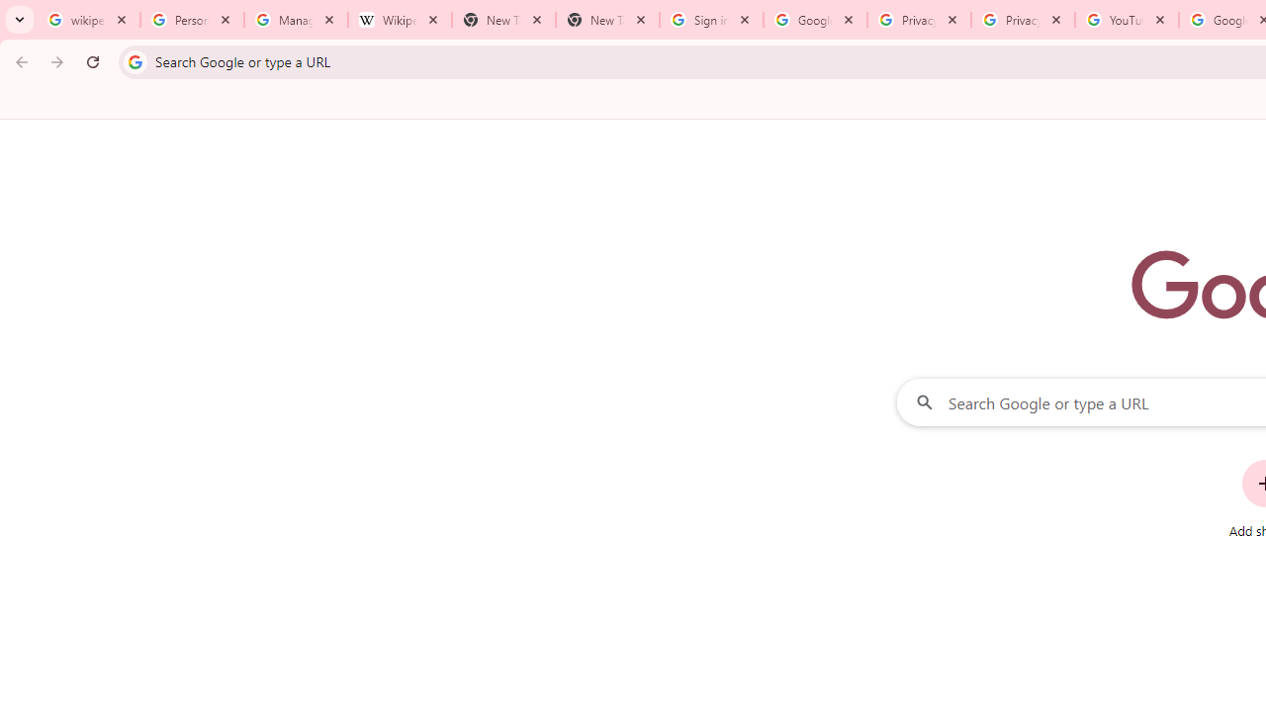 The height and width of the screenshot is (712, 1266). What do you see at coordinates (1127, 20) in the screenshot?
I see `'YouTube'` at bounding box center [1127, 20].